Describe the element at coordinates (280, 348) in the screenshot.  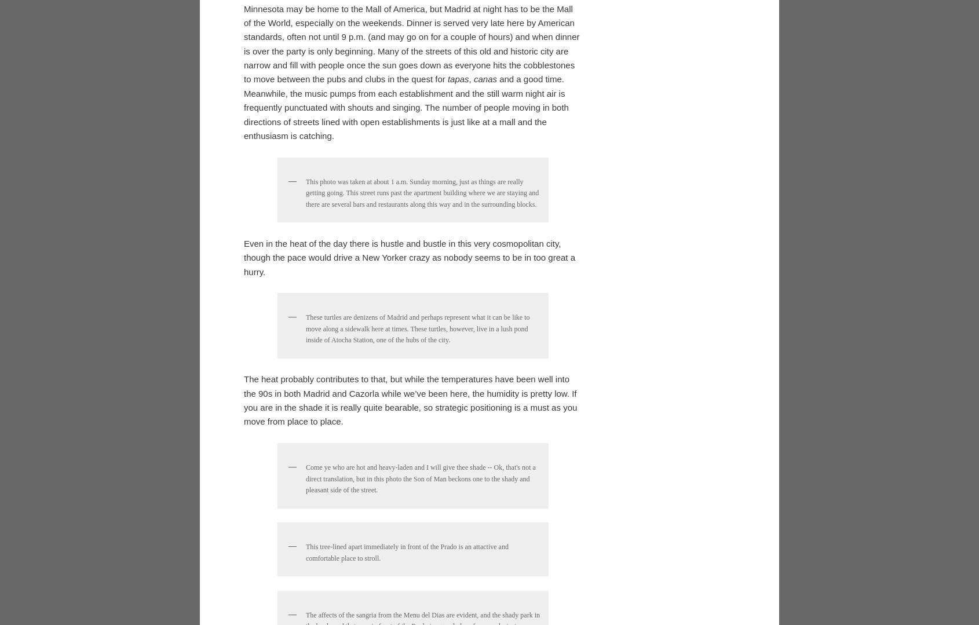
I see `'by the Night Writer'` at that location.